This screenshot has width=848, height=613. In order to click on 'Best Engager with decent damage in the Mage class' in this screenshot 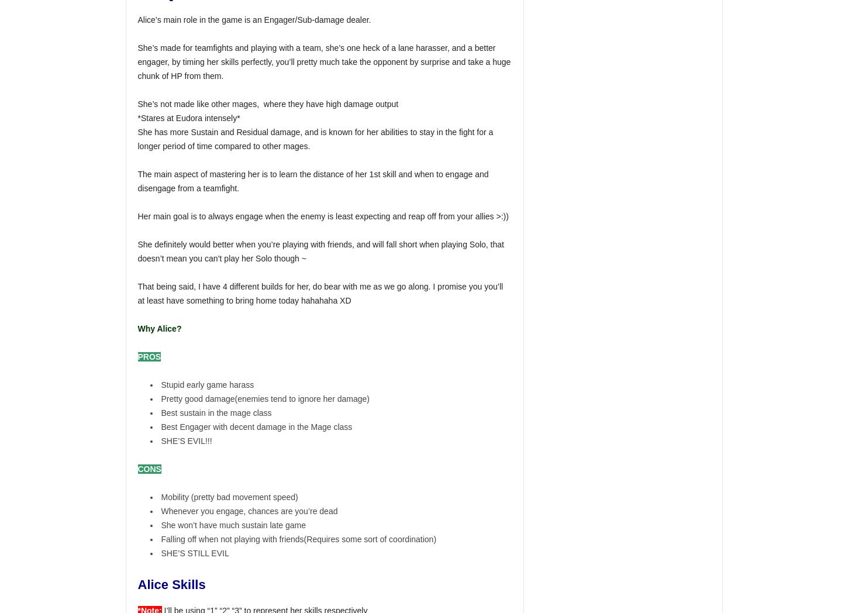, I will do `click(161, 426)`.